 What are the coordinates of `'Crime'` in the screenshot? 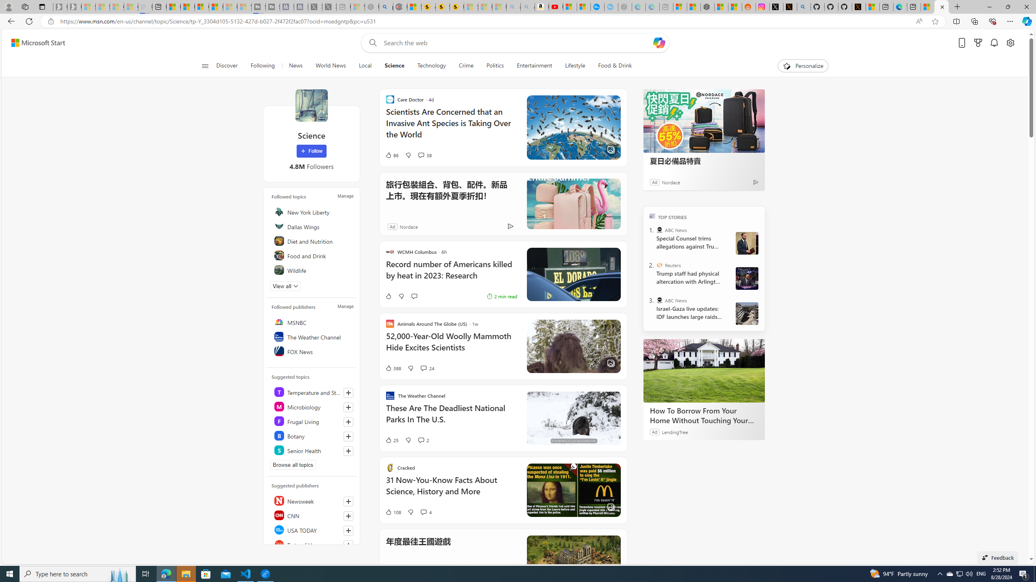 It's located at (466, 65).